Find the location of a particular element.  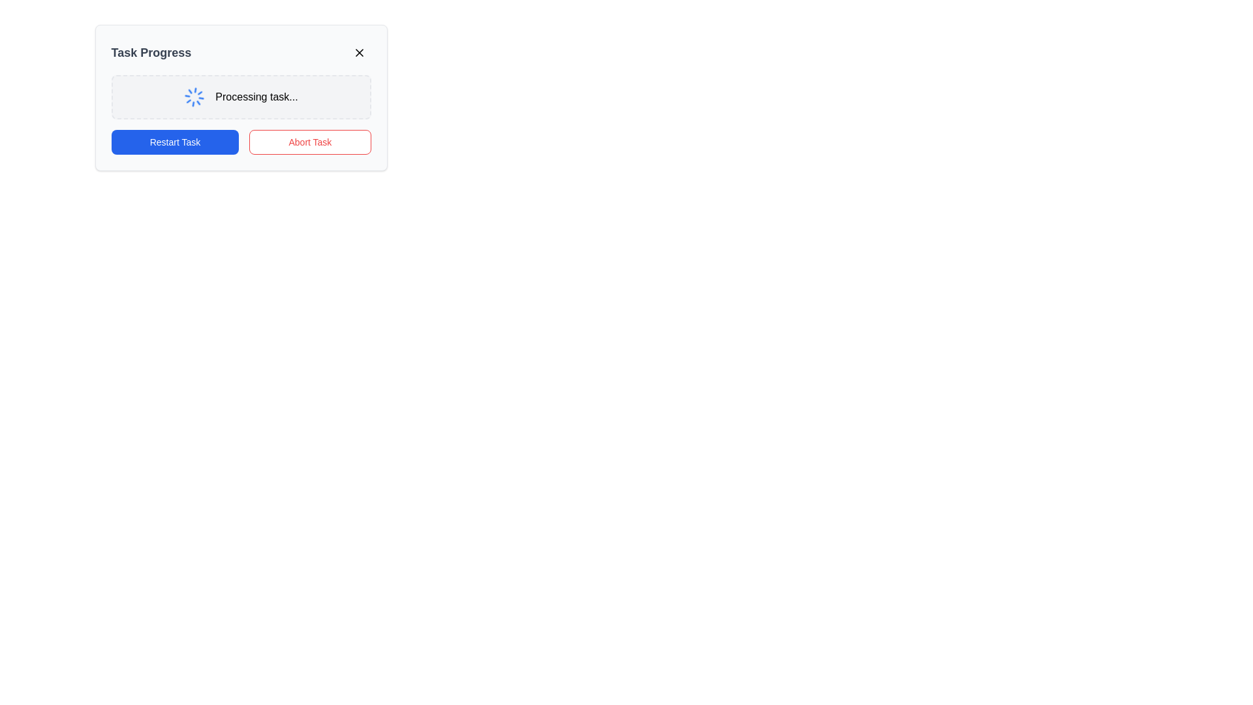

the abort button located to the right of the 'Restart Task' button to observe the hover effect is located at coordinates (309, 142).